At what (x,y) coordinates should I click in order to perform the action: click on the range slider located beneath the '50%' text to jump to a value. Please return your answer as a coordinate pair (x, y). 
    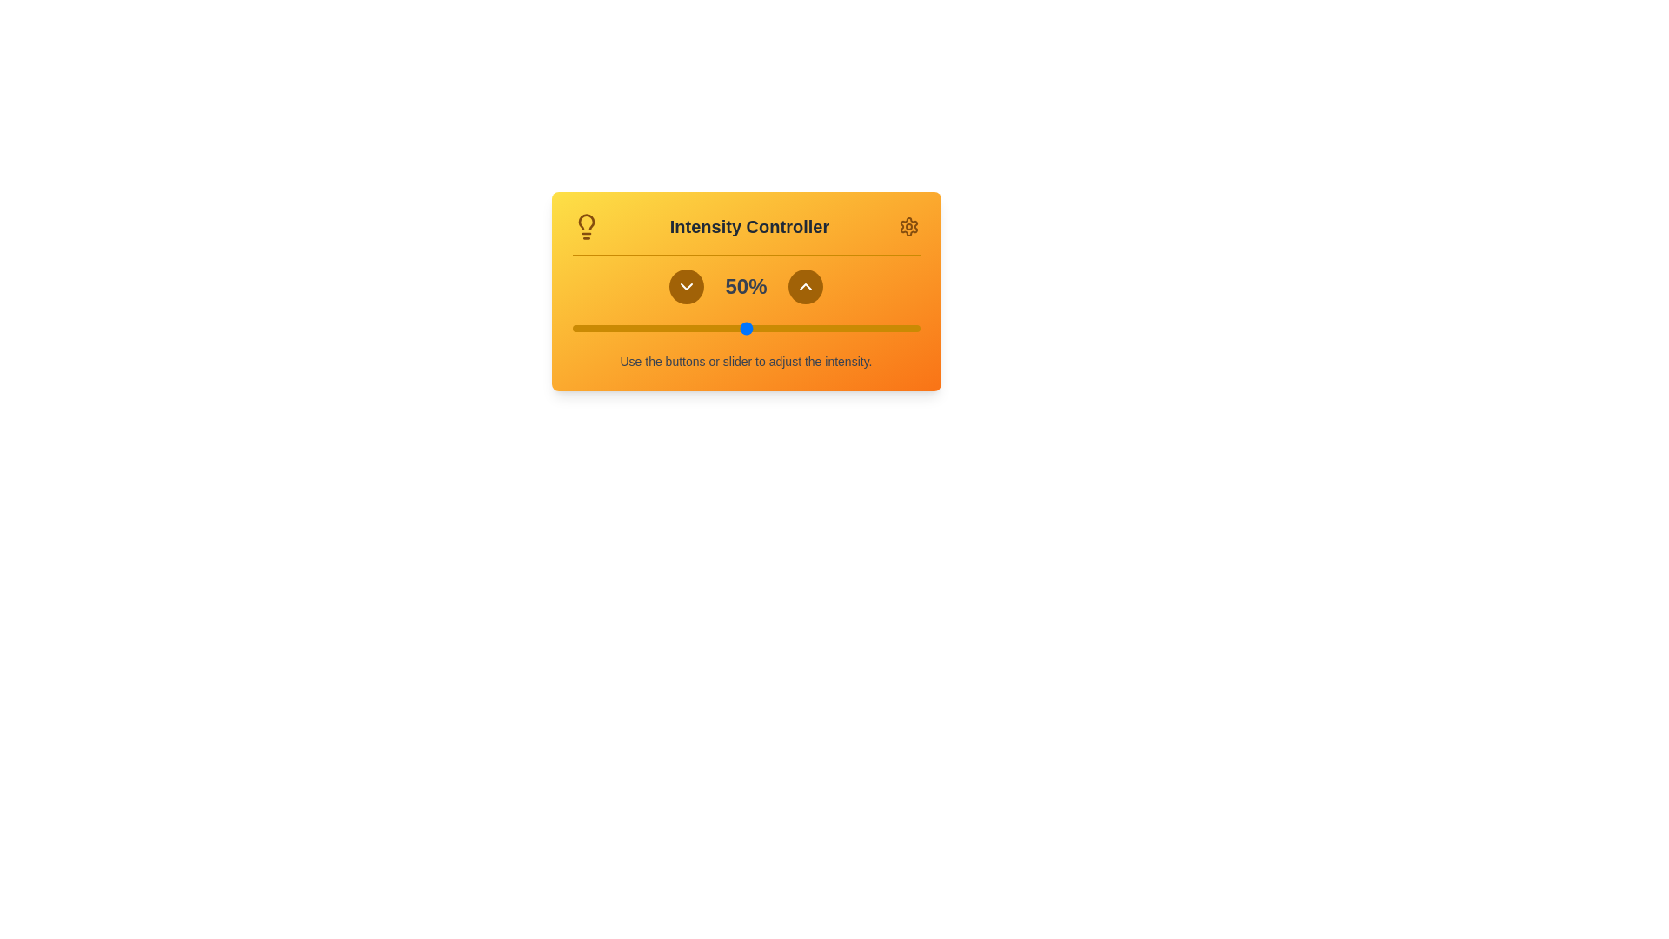
    Looking at the image, I should click on (746, 329).